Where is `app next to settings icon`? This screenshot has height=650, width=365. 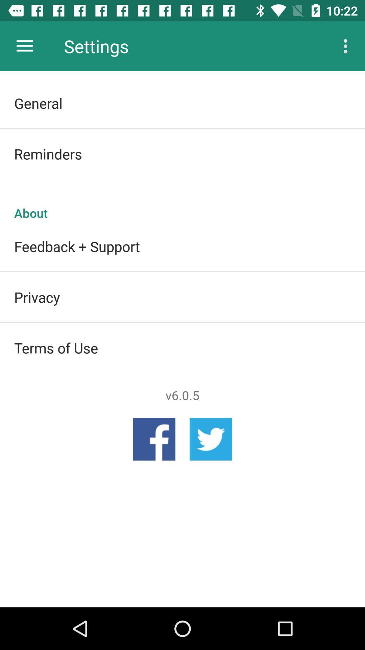 app next to settings icon is located at coordinates (24, 46).